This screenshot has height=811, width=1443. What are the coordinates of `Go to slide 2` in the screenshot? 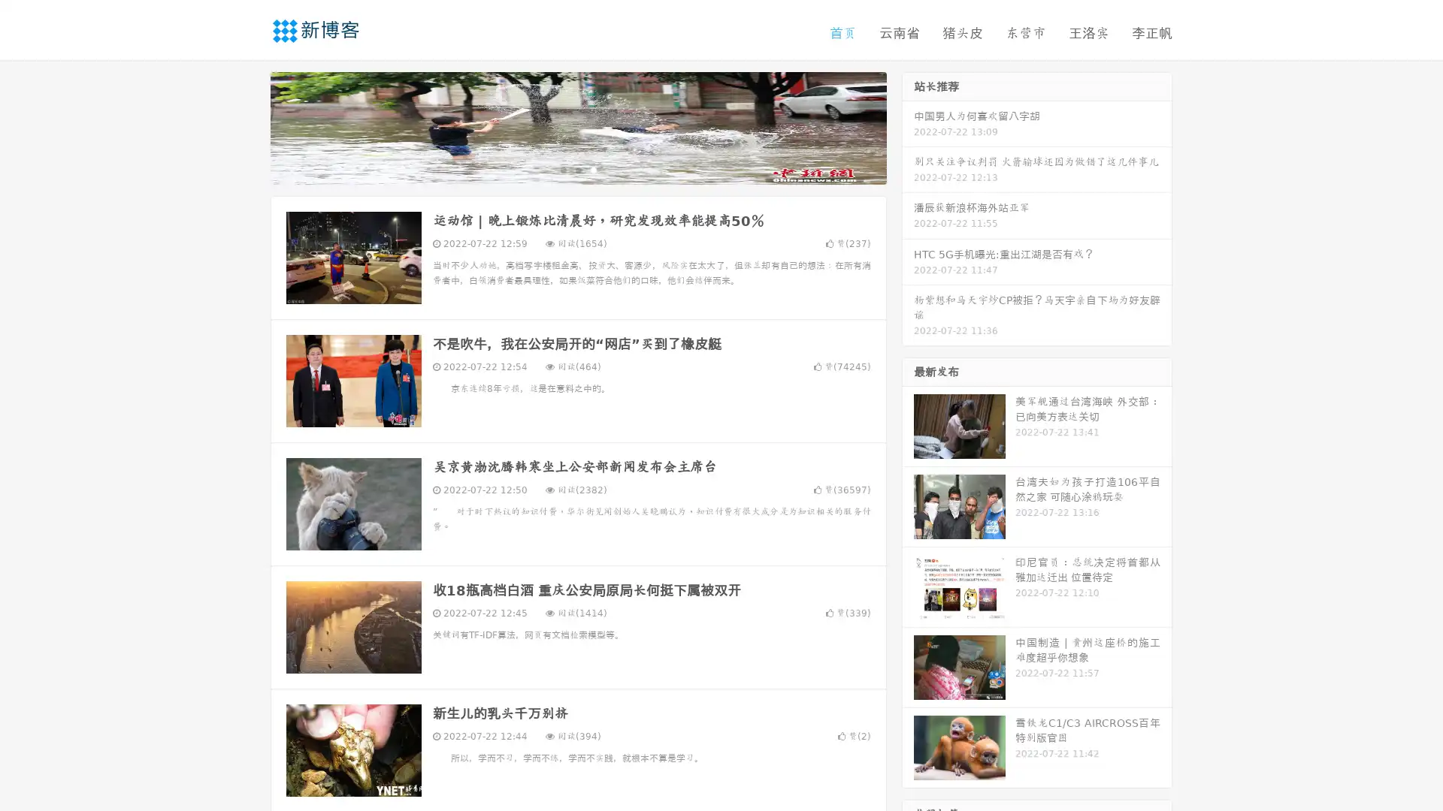 It's located at (577, 169).